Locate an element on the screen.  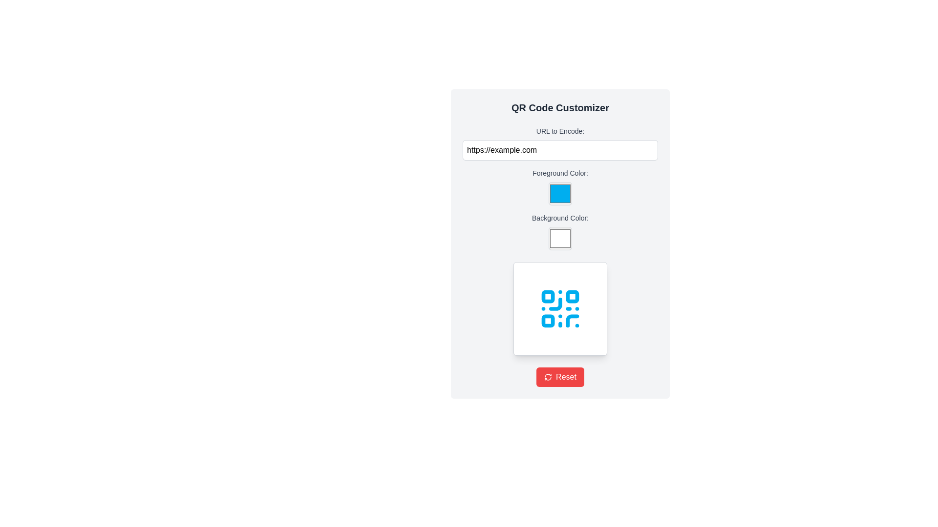
the small square shape with rounded corners and a blue fill located in the top-left corner of the QR code design is located at coordinates (548, 296).